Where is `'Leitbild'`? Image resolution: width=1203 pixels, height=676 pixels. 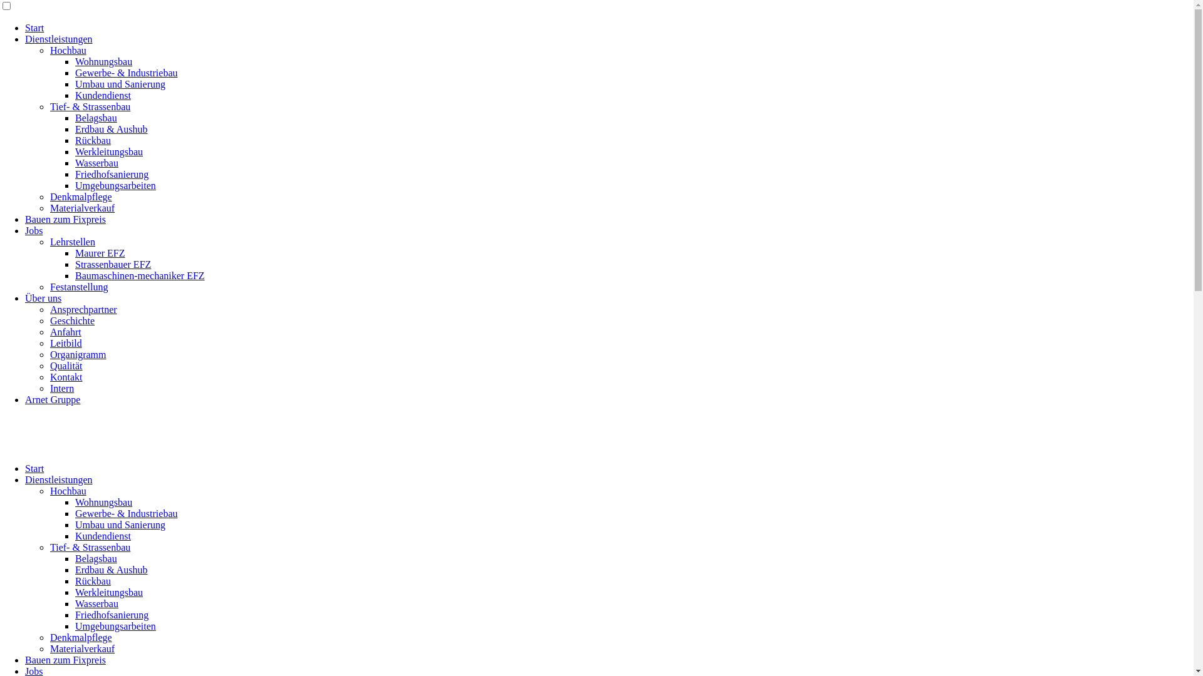
'Leitbild' is located at coordinates (50, 343).